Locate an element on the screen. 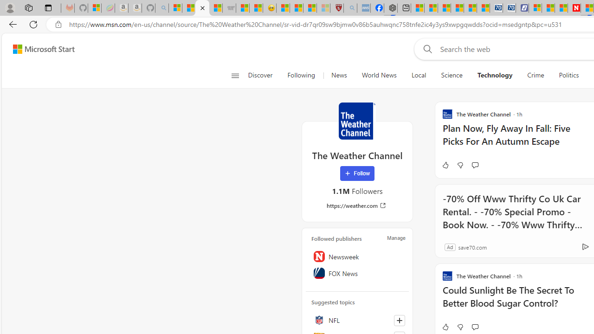 The width and height of the screenshot is (594, 334). 'https://weather.com' is located at coordinates (356, 205).